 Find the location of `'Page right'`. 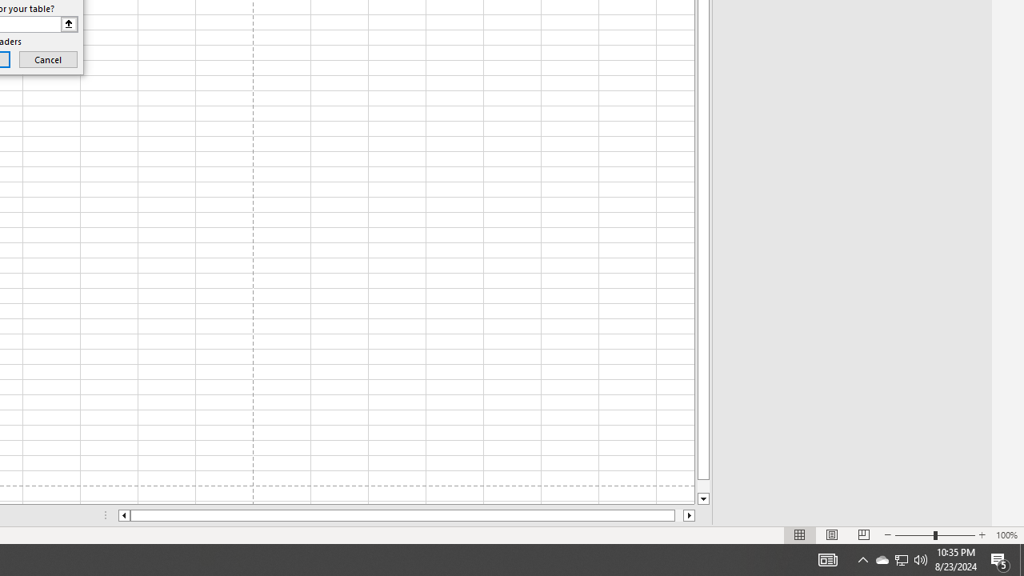

'Page right' is located at coordinates (678, 515).